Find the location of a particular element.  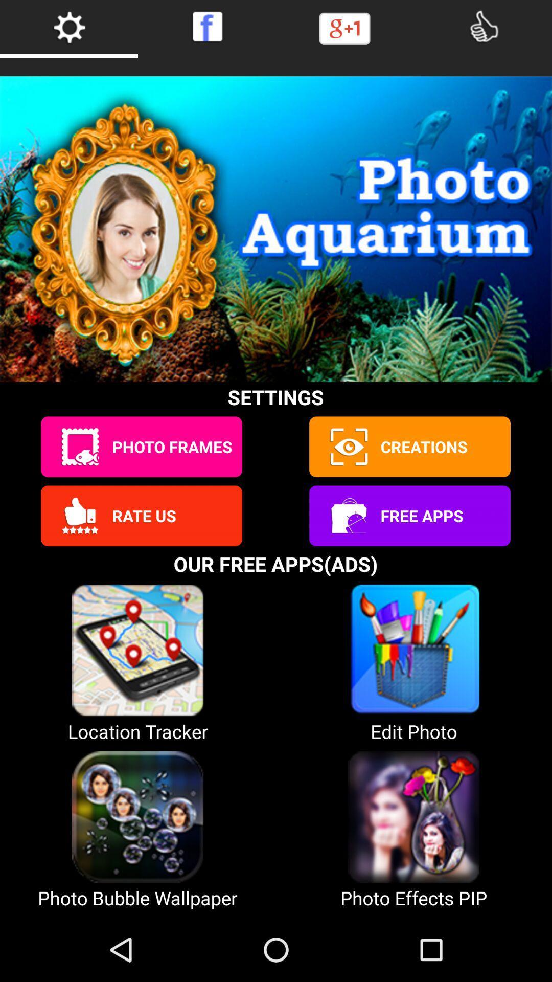

photo frame is located at coordinates (79, 447).